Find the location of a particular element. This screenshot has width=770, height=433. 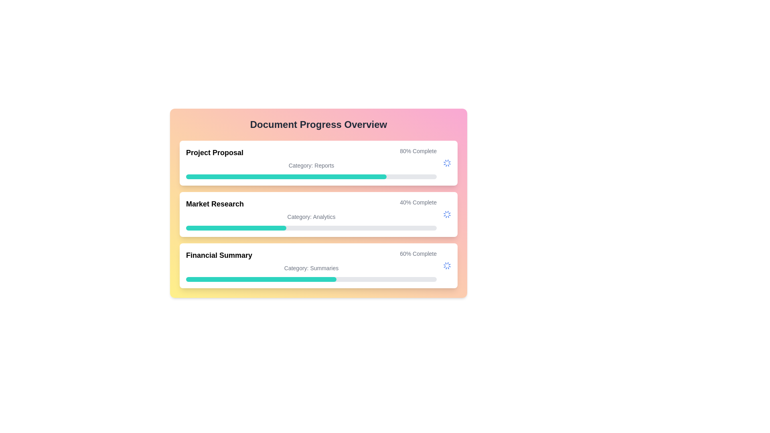

the progress indicator element in the 'Financial Summary' section, which is a teal horizontal bar with rounded ends indicating 60% completion is located at coordinates (261, 279).